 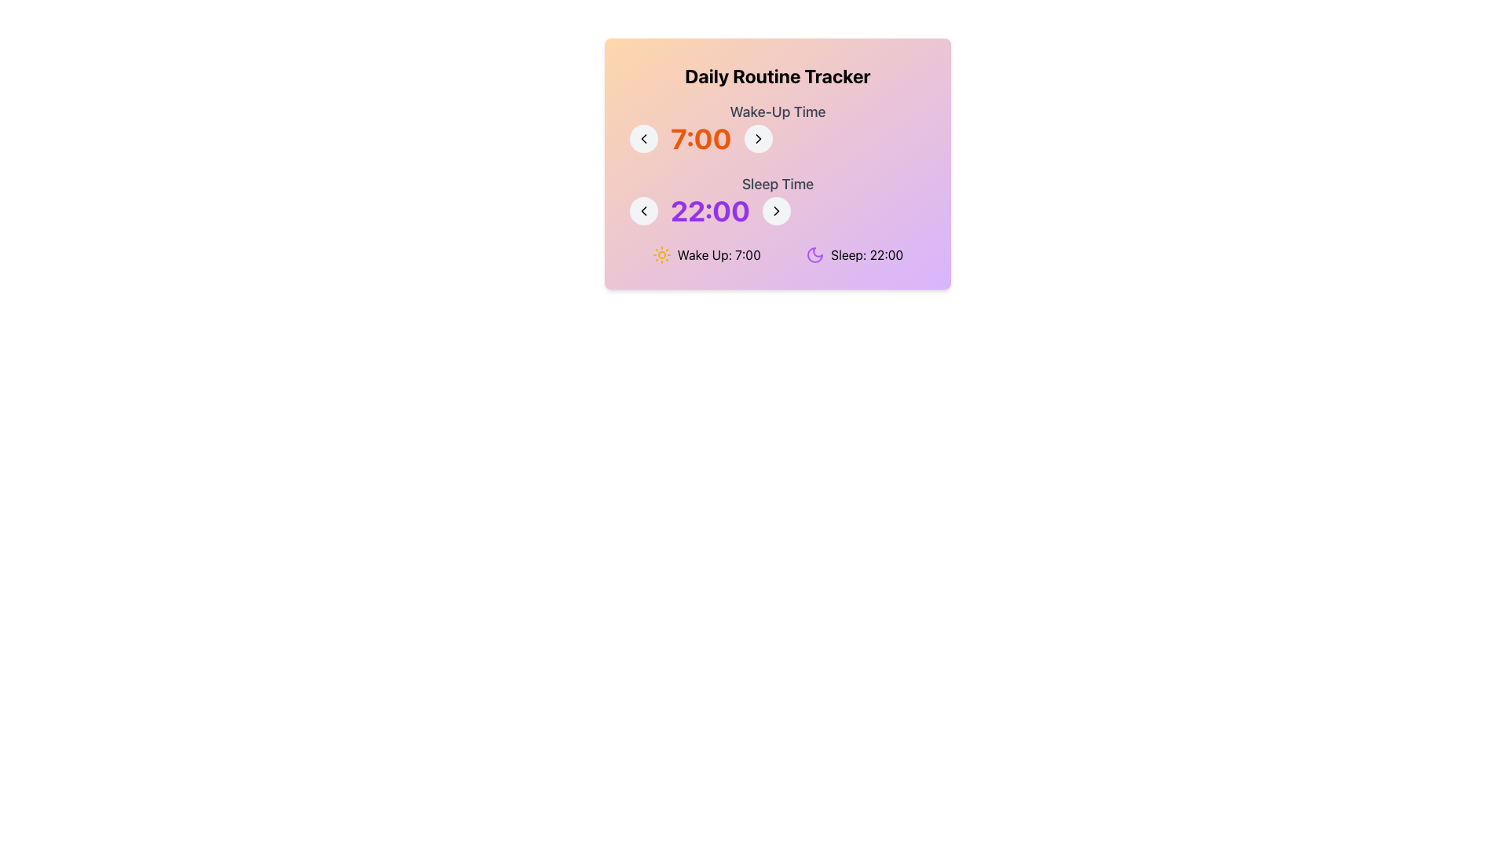 What do you see at coordinates (777, 210) in the screenshot?
I see `the right-pointing chevron-shaped arrow within the circular button located immediately to the right of the '7:00' text in the 'Wake-Up Time' section` at bounding box center [777, 210].